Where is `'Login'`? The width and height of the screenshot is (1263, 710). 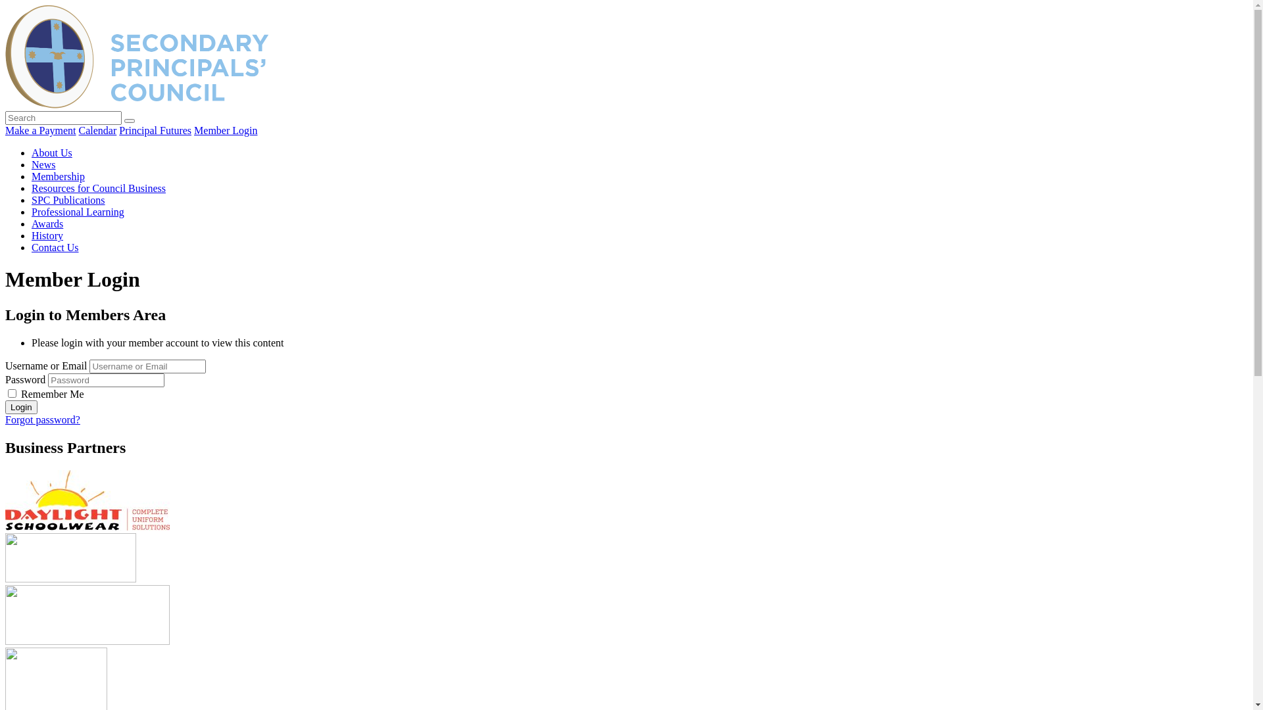
'Login' is located at coordinates (5, 406).